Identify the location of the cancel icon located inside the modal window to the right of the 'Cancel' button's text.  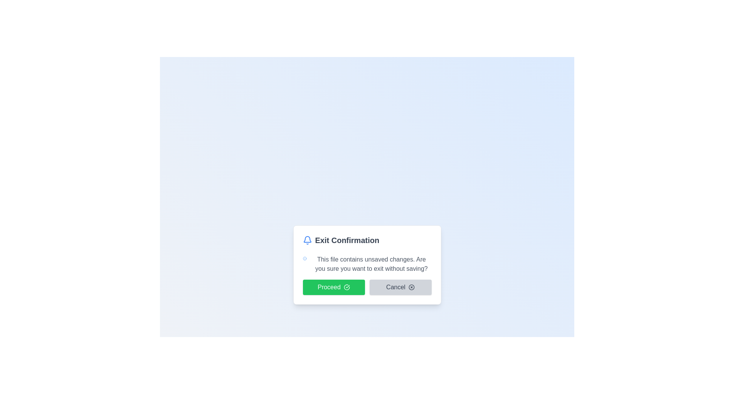
(411, 287).